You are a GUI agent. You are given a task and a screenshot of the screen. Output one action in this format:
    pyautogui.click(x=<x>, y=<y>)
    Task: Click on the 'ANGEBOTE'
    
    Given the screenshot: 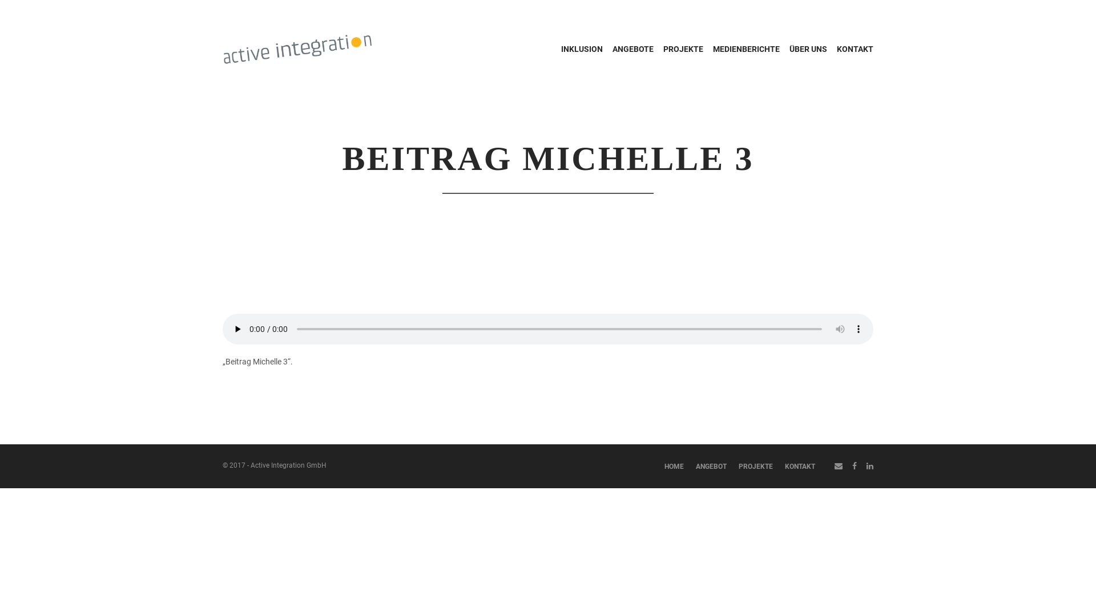 What is the action you would take?
    pyautogui.click(x=632, y=48)
    